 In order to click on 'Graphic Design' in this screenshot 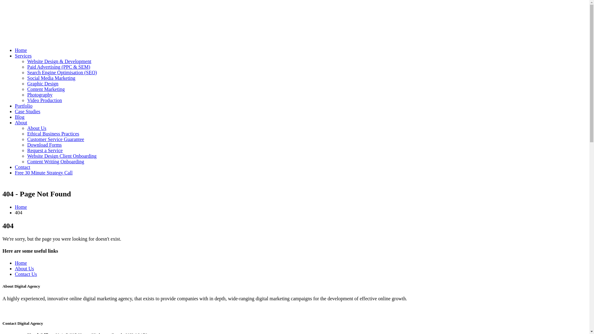, I will do `click(27, 83)`.